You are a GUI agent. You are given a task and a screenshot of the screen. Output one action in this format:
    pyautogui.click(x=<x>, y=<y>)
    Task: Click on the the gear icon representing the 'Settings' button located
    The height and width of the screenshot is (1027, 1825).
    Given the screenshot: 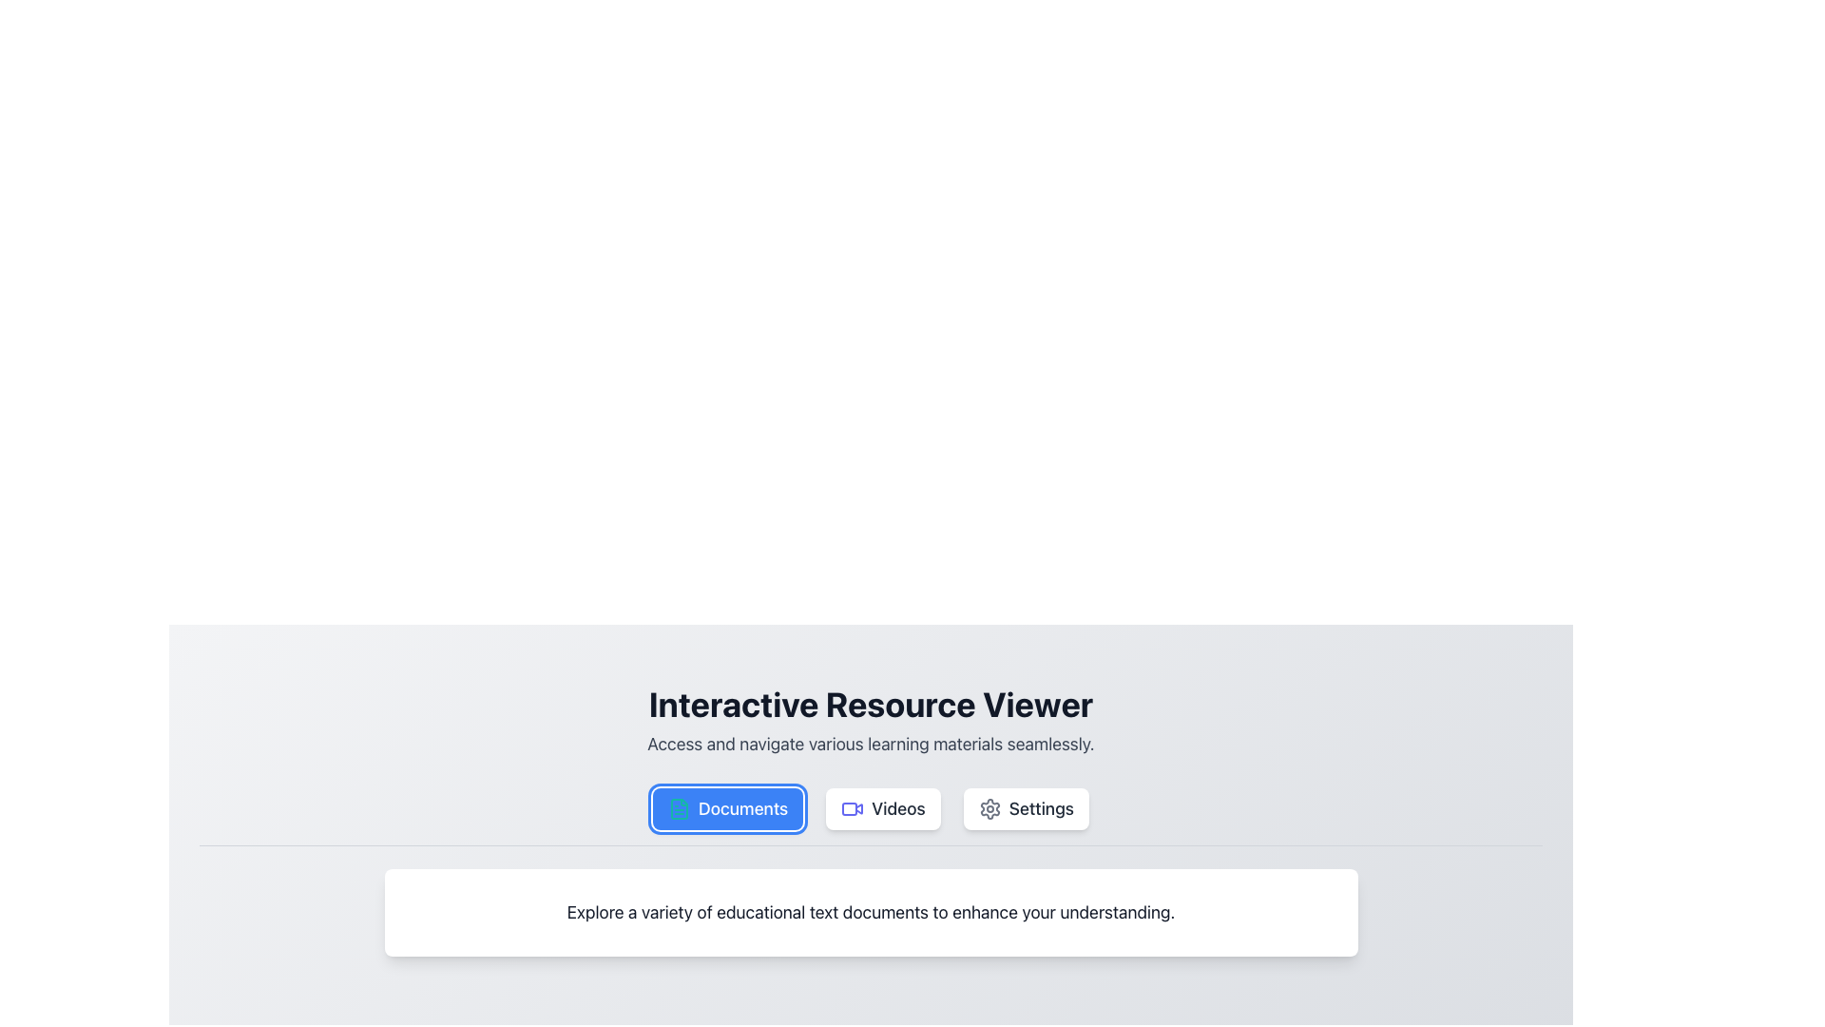 What is the action you would take?
    pyautogui.click(x=989, y=809)
    